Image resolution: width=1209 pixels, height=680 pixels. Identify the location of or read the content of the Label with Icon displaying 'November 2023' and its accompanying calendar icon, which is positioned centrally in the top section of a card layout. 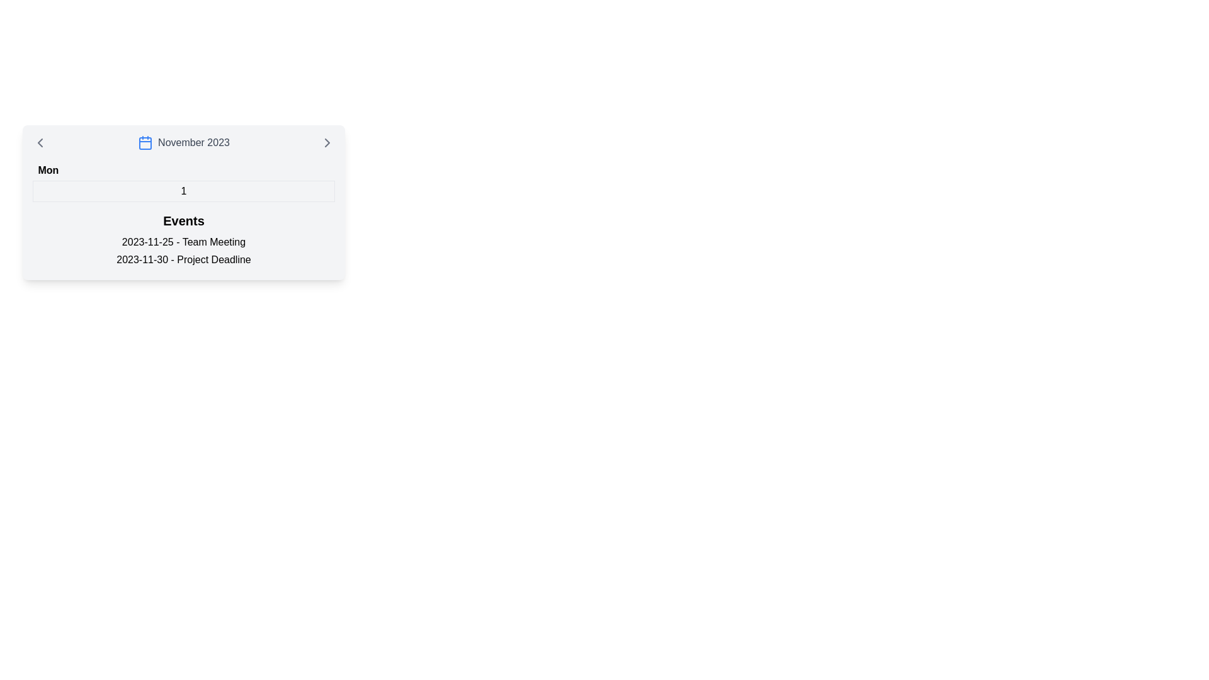
(183, 142).